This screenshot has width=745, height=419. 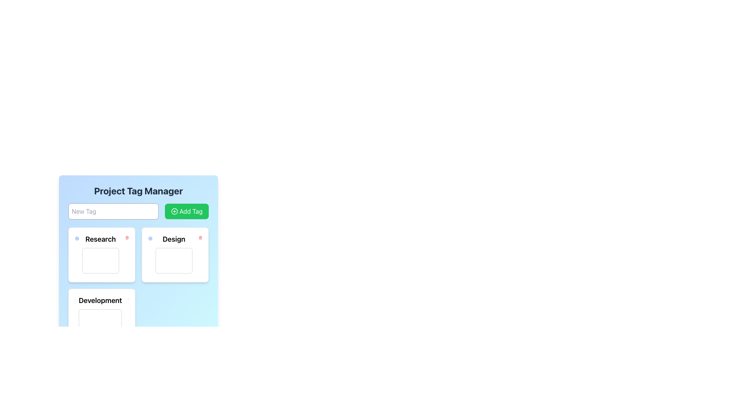 What do you see at coordinates (174, 211) in the screenshot?
I see `the green button labeled 'Add Tag' that contains the SVG Icon for creating a new tag` at bounding box center [174, 211].